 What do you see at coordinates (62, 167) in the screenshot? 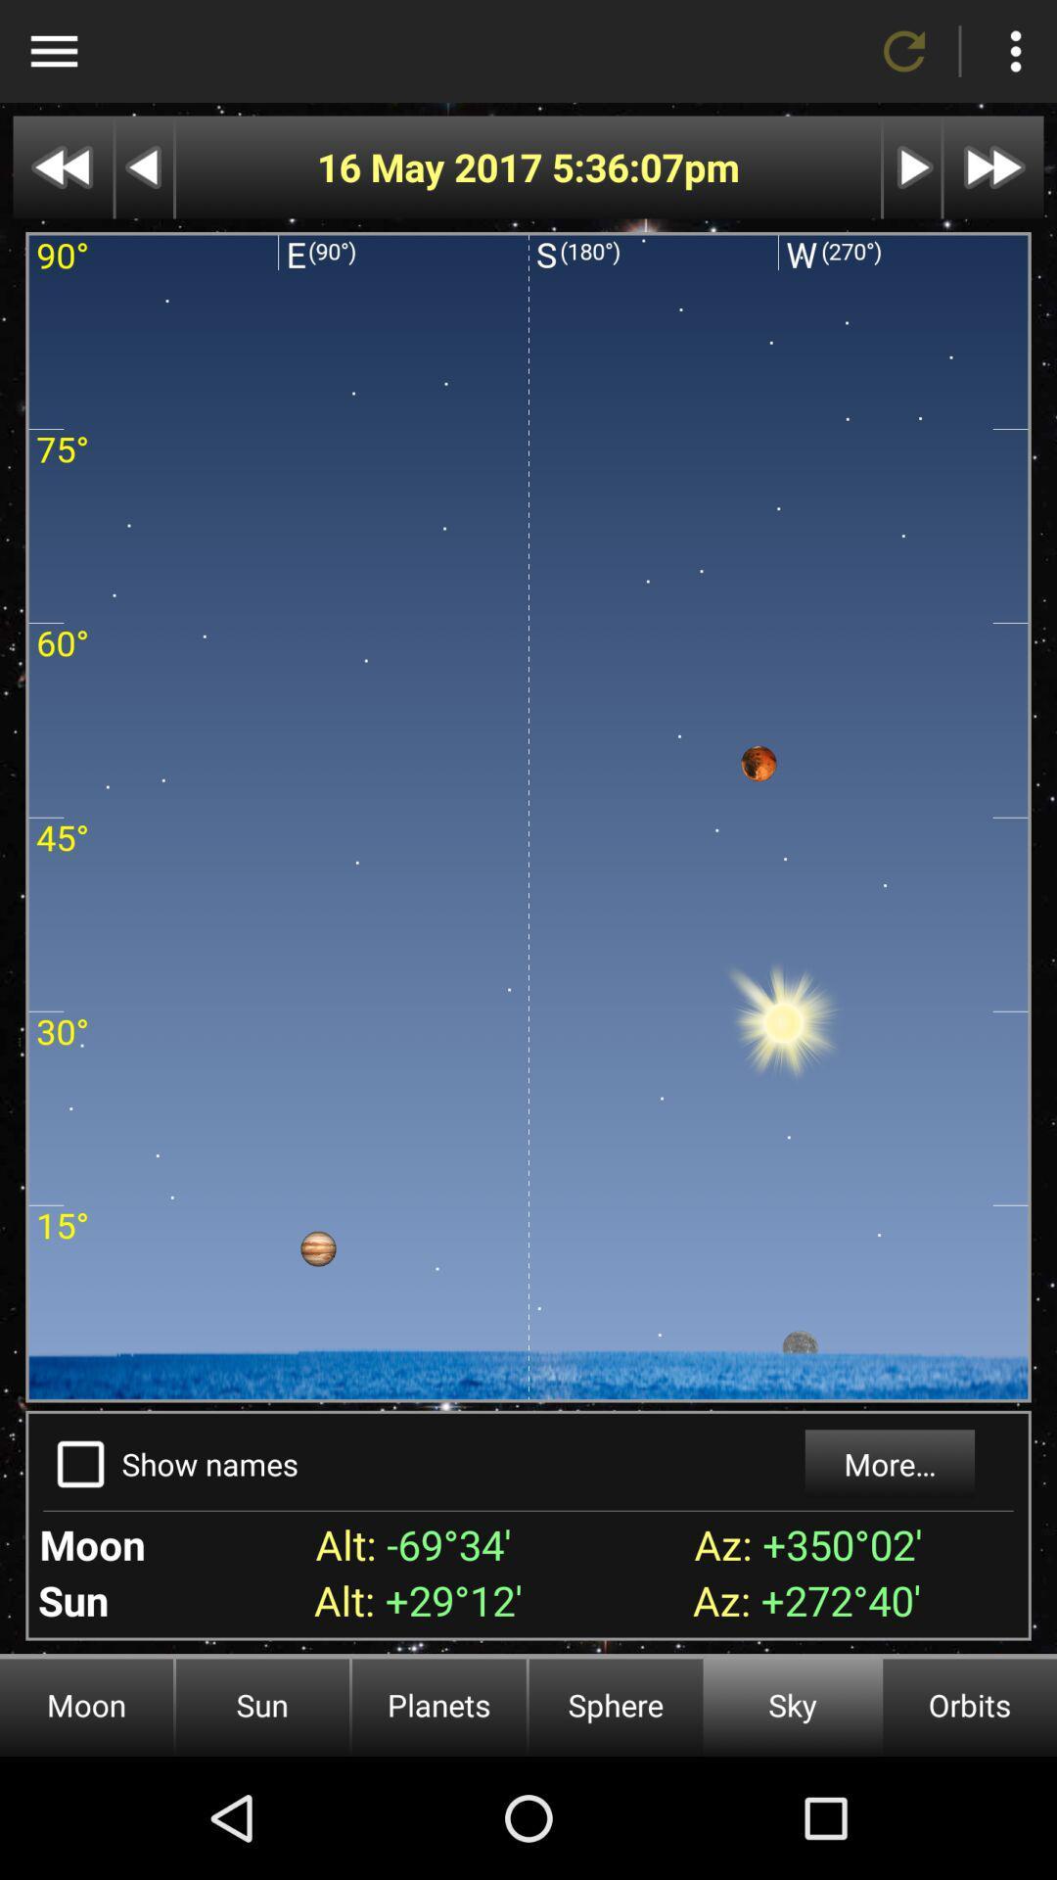
I see `beginning` at bounding box center [62, 167].